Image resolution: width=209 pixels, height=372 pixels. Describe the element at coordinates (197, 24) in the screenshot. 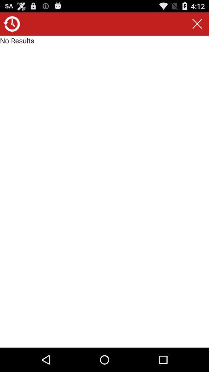

I see `screen` at that location.